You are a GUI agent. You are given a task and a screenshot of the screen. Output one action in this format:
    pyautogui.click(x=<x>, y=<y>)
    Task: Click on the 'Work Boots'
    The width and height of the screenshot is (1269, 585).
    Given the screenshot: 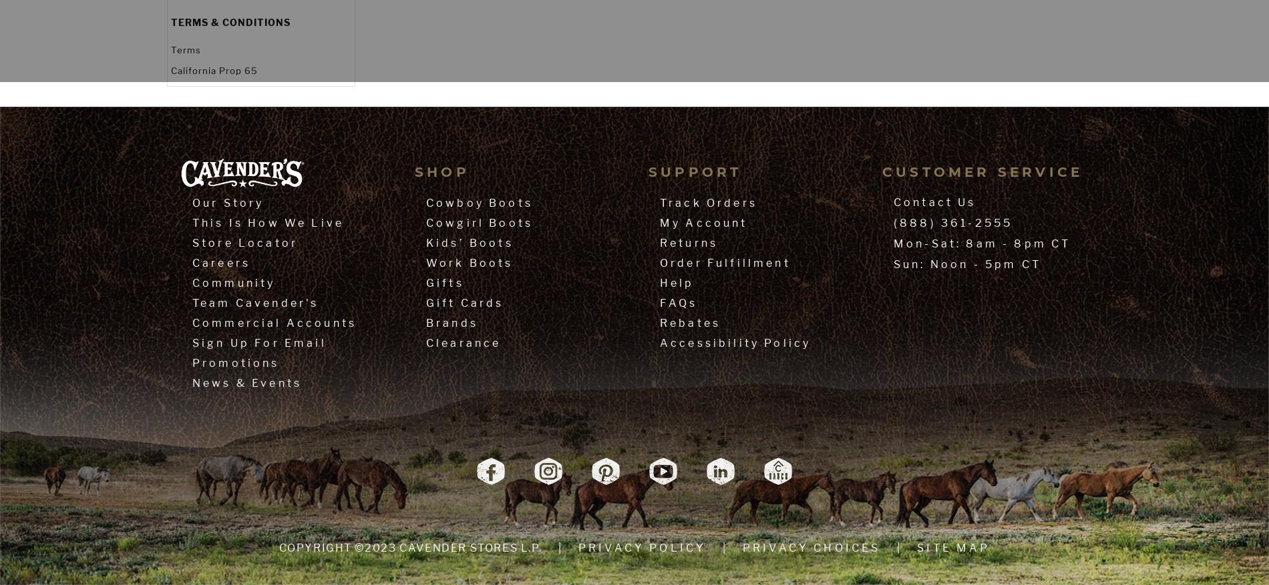 What is the action you would take?
    pyautogui.click(x=470, y=262)
    